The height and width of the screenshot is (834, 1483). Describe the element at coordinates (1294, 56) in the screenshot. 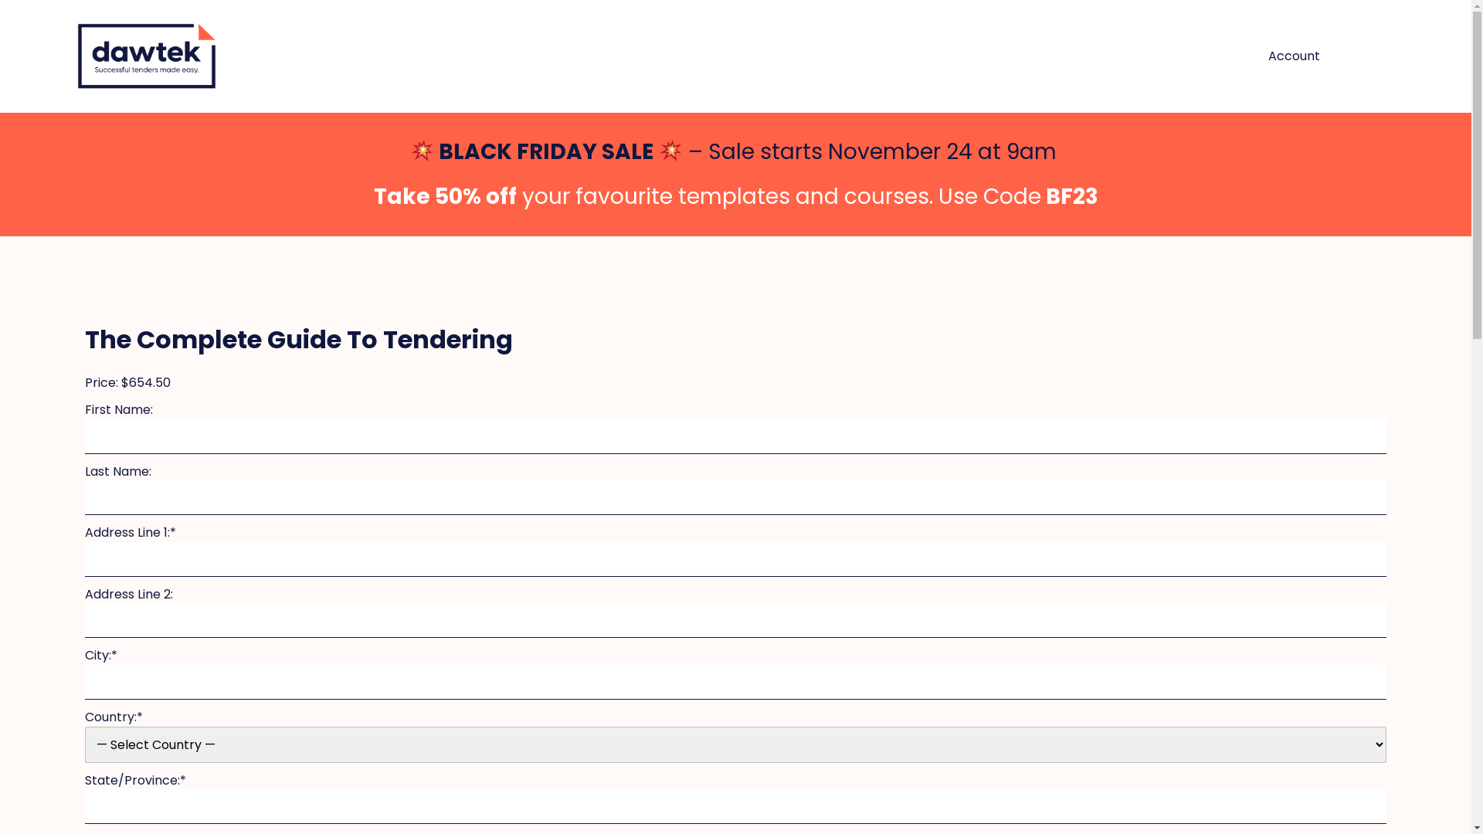

I see `'Account'` at that location.